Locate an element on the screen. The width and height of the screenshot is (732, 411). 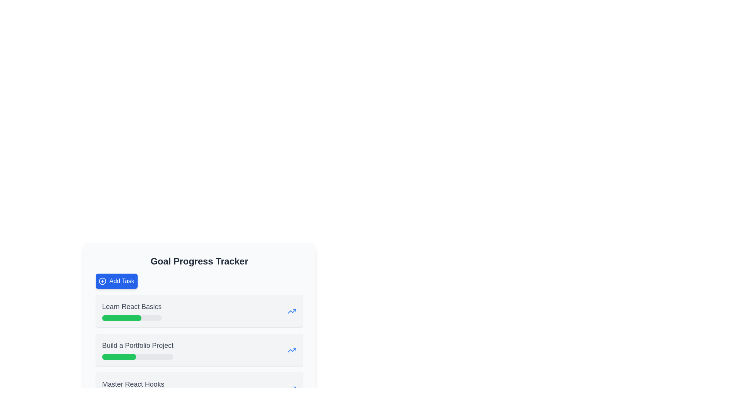
the progress visually by focusing on the progress indicator bar located in the 'Build a Portfolio Project' section of the goal tracker is located at coordinates (119, 357).